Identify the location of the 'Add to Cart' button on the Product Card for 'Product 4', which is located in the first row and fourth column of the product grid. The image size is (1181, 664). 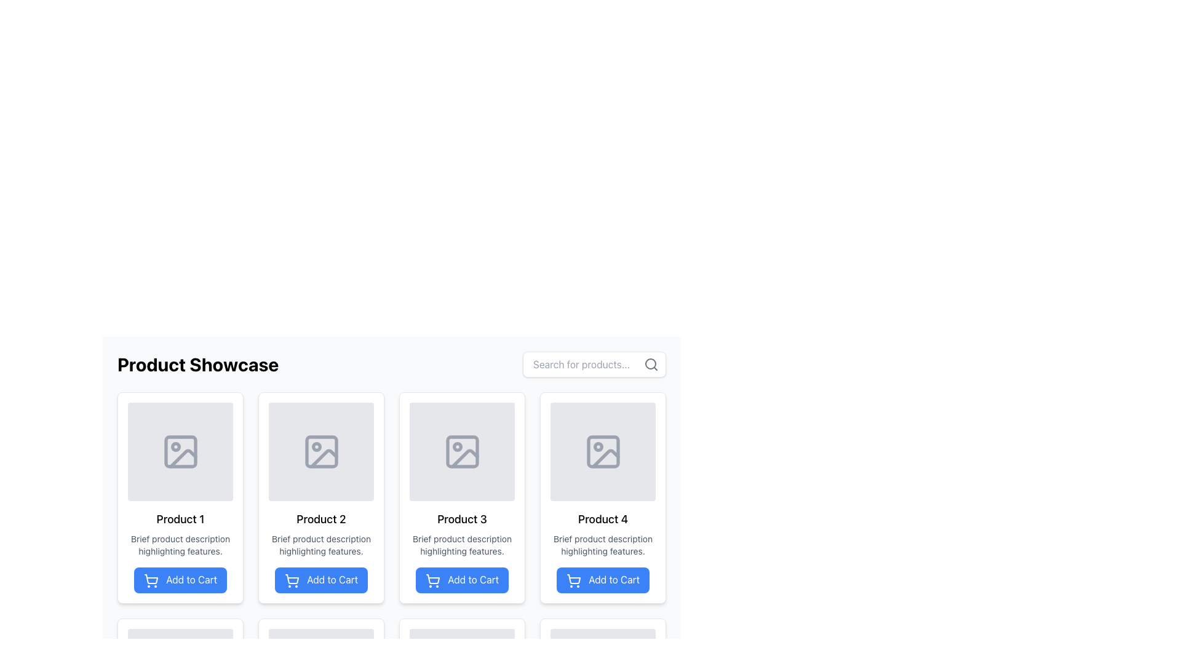
(603, 497).